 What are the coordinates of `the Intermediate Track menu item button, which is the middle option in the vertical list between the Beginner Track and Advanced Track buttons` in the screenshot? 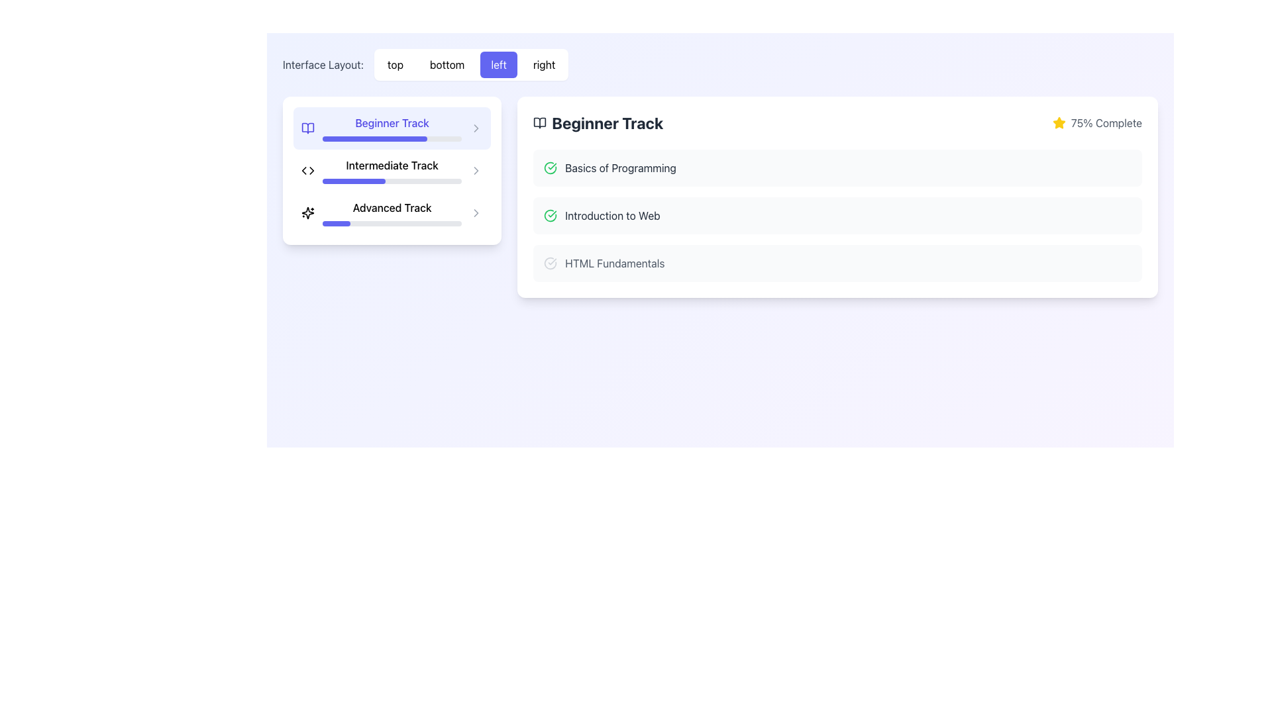 It's located at (392, 170).